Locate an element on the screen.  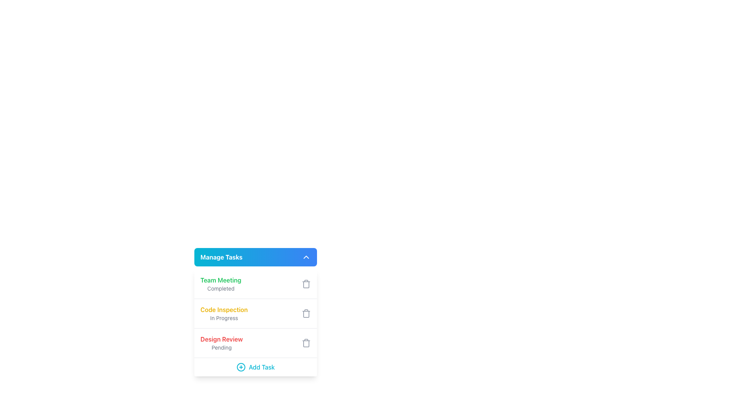
the status text label indicating the current status of the 'Design Review' task is located at coordinates (221, 347).